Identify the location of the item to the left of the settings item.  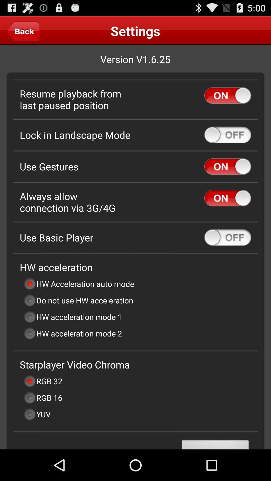
(23, 31).